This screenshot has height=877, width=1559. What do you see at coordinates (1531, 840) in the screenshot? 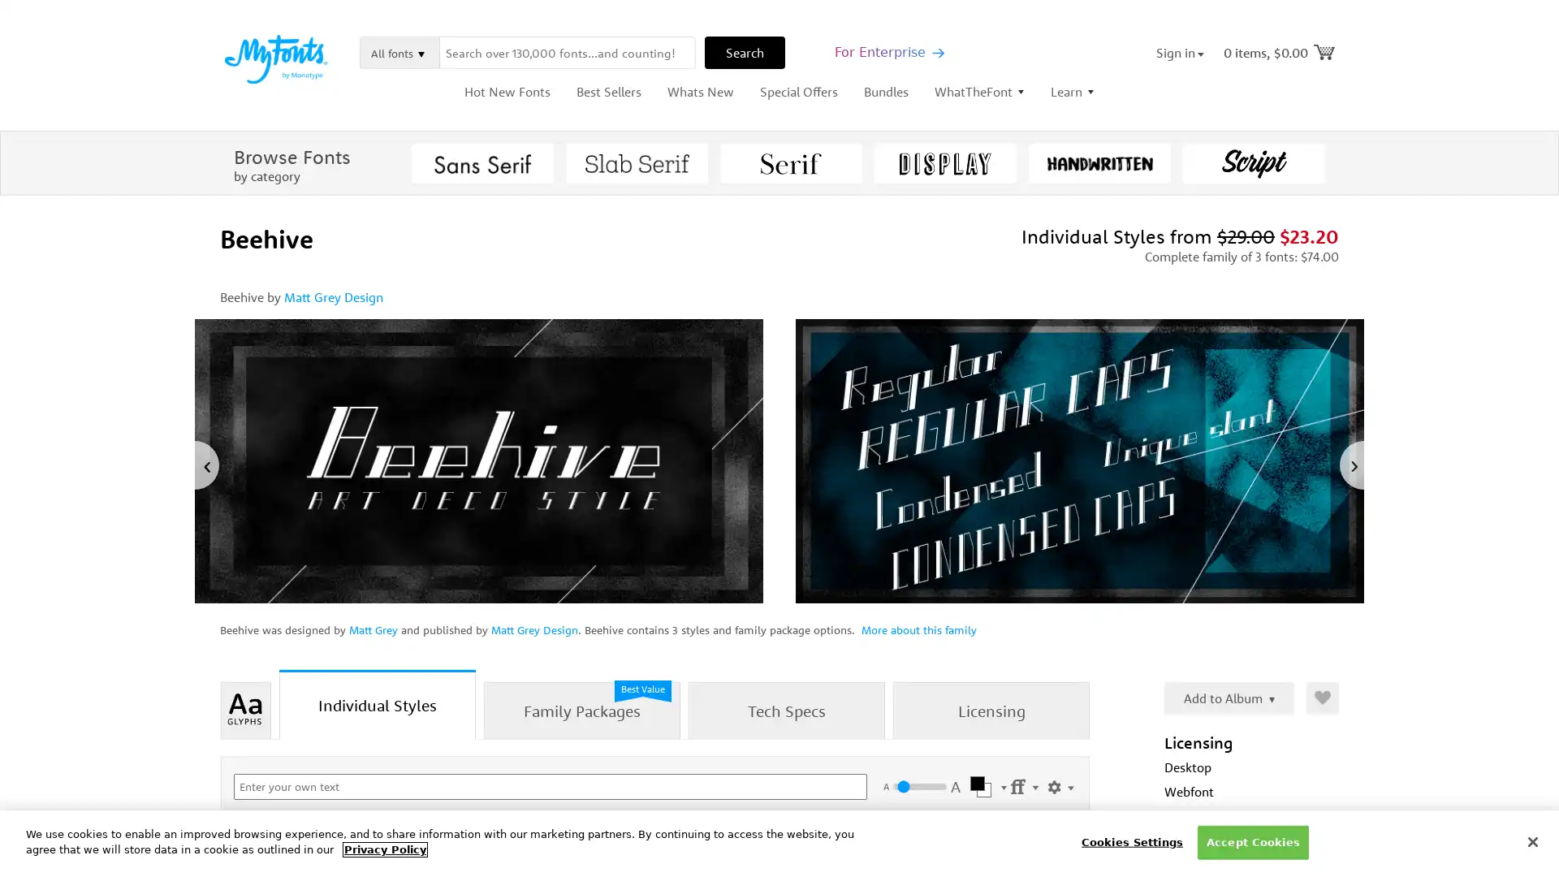
I see `Close` at bounding box center [1531, 840].